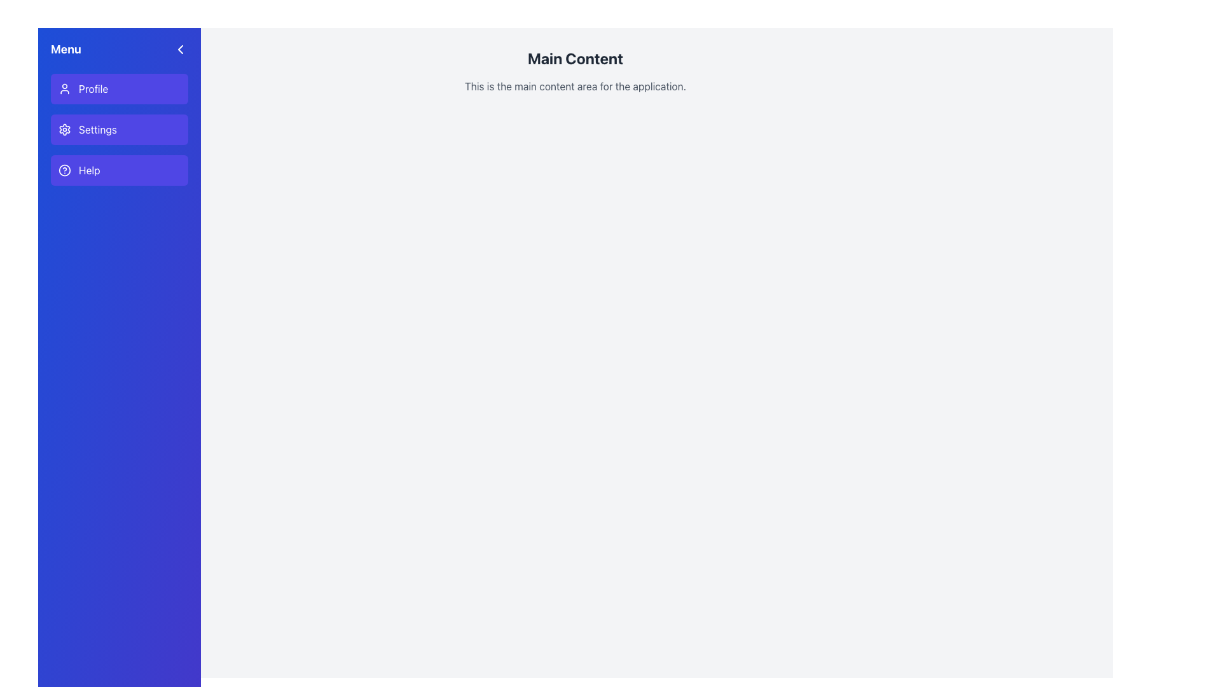  What do you see at coordinates (575, 59) in the screenshot?
I see `heading text block located at the top central part of the application’s main content section to understand the section title` at bounding box center [575, 59].